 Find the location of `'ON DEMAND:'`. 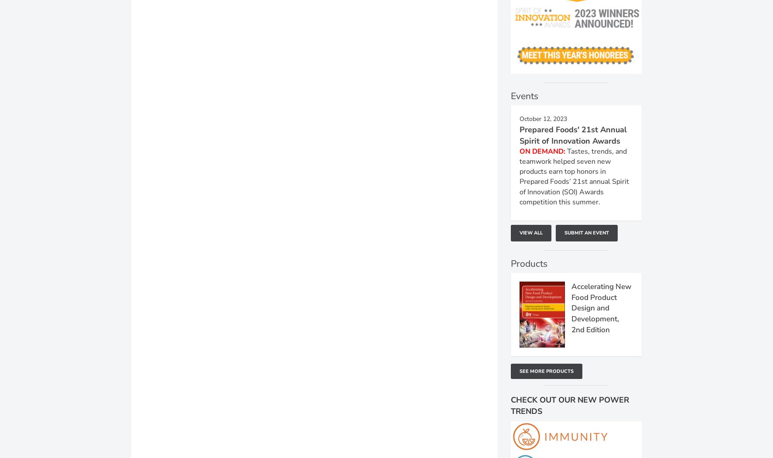

'ON DEMAND:' is located at coordinates (542, 150).